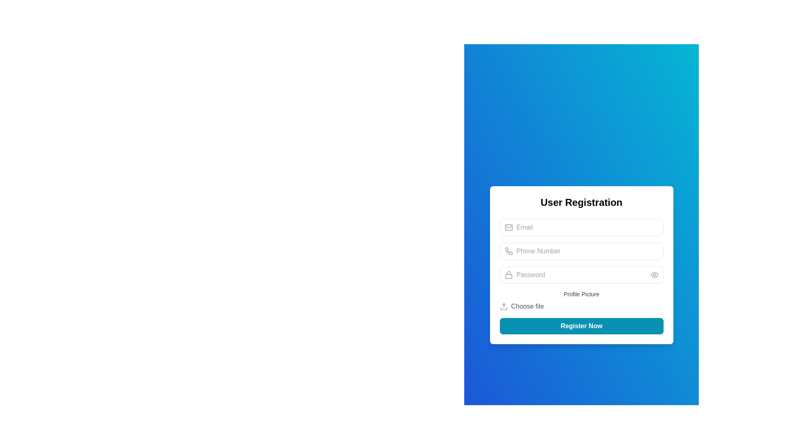  I want to click on the eye icon element used to toggle the visibility of the password in the user registration form by moving the cursor to its center, so click(654, 275).